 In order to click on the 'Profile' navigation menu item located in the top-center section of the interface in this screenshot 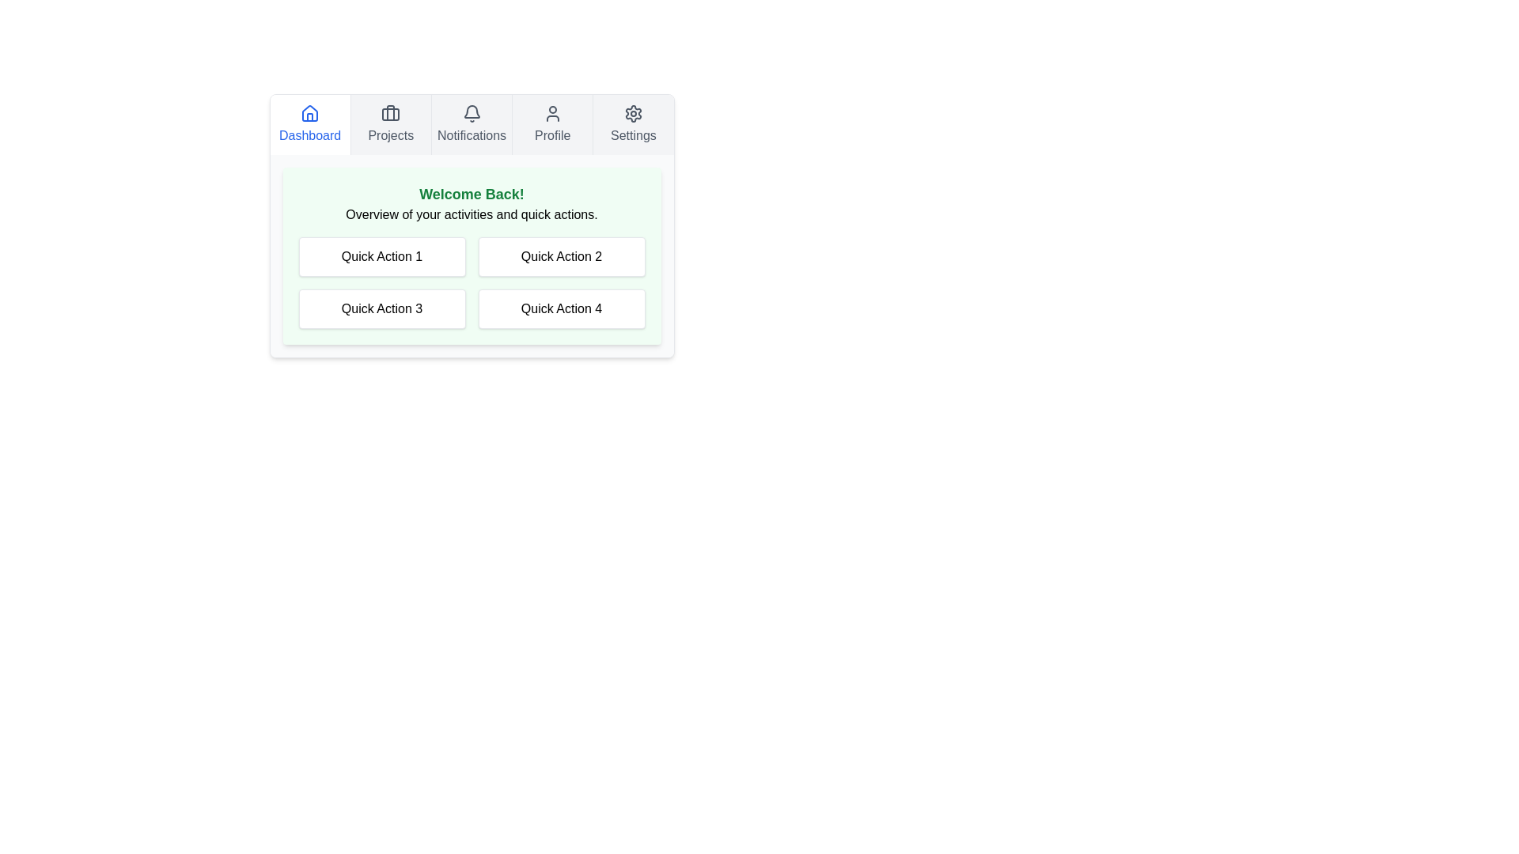, I will do `click(552, 124)`.